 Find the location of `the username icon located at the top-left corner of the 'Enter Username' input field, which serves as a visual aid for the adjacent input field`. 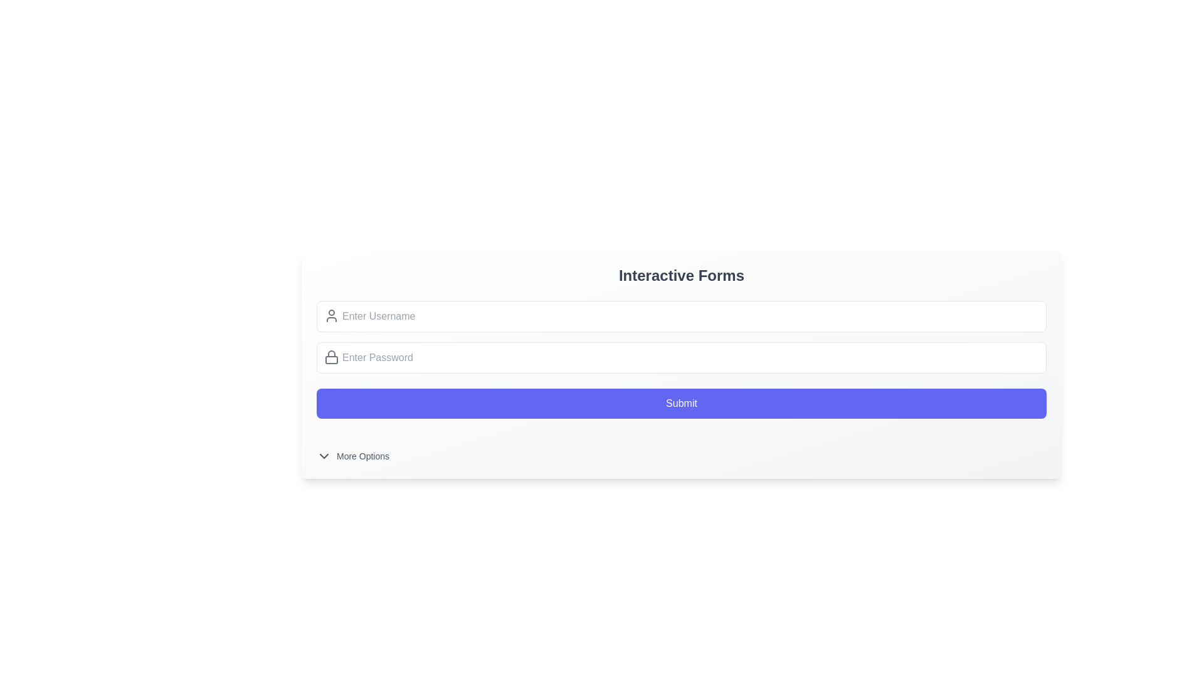

the username icon located at the top-left corner of the 'Enter Username' input field, which serves as a visual aid for the adjacent input field is located at coordinates (331, 315).